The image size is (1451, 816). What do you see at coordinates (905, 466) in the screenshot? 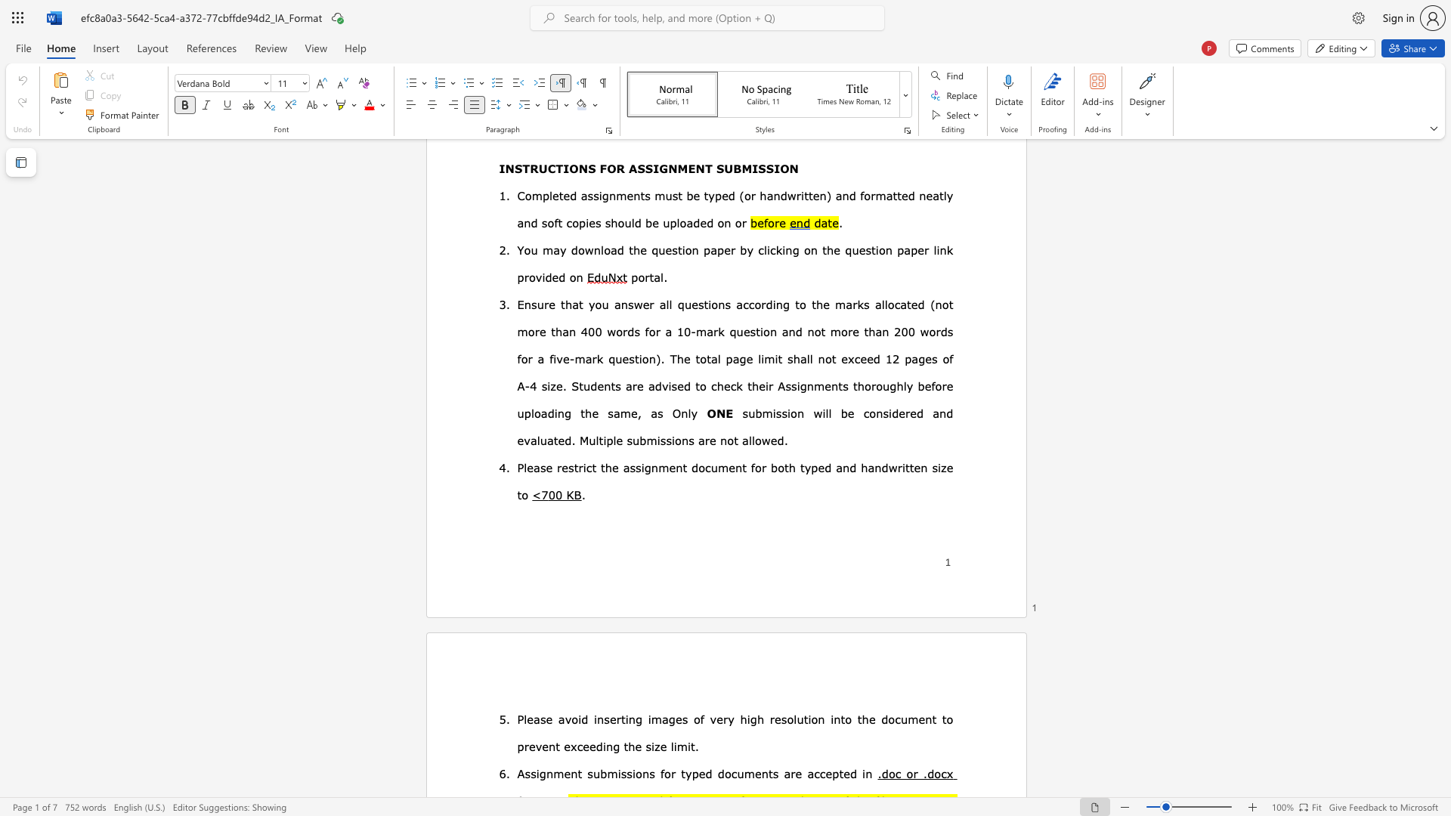
I see `the subset text "tt" within the text "for both typed and handwritten"` at bounding box center [905, 466].